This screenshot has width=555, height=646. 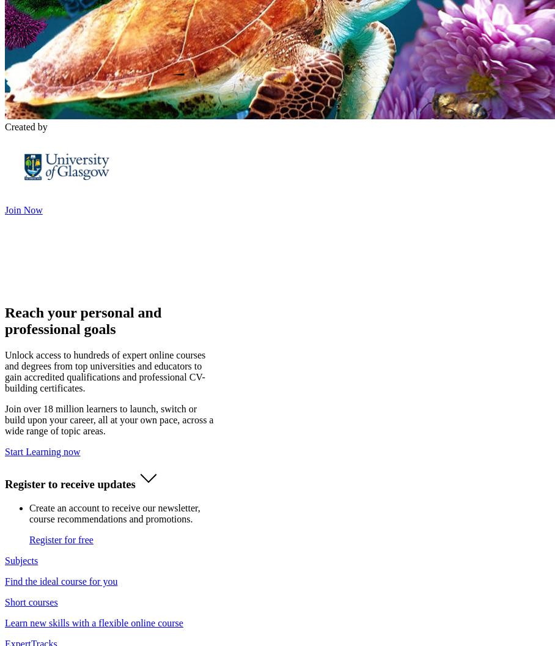 I want to click on 'Created by', so click(x=26, y=125).